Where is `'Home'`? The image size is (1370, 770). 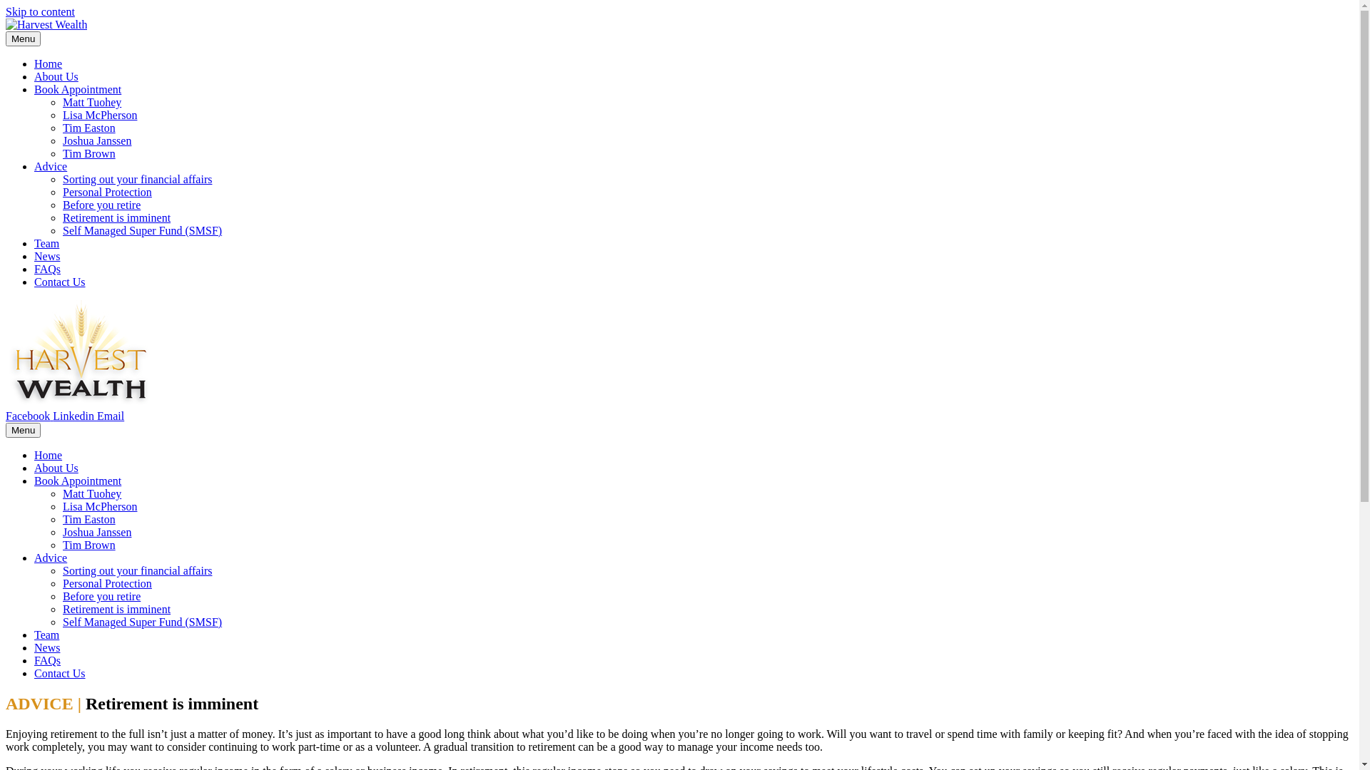
'Home' is located at coordinates (48, 63).